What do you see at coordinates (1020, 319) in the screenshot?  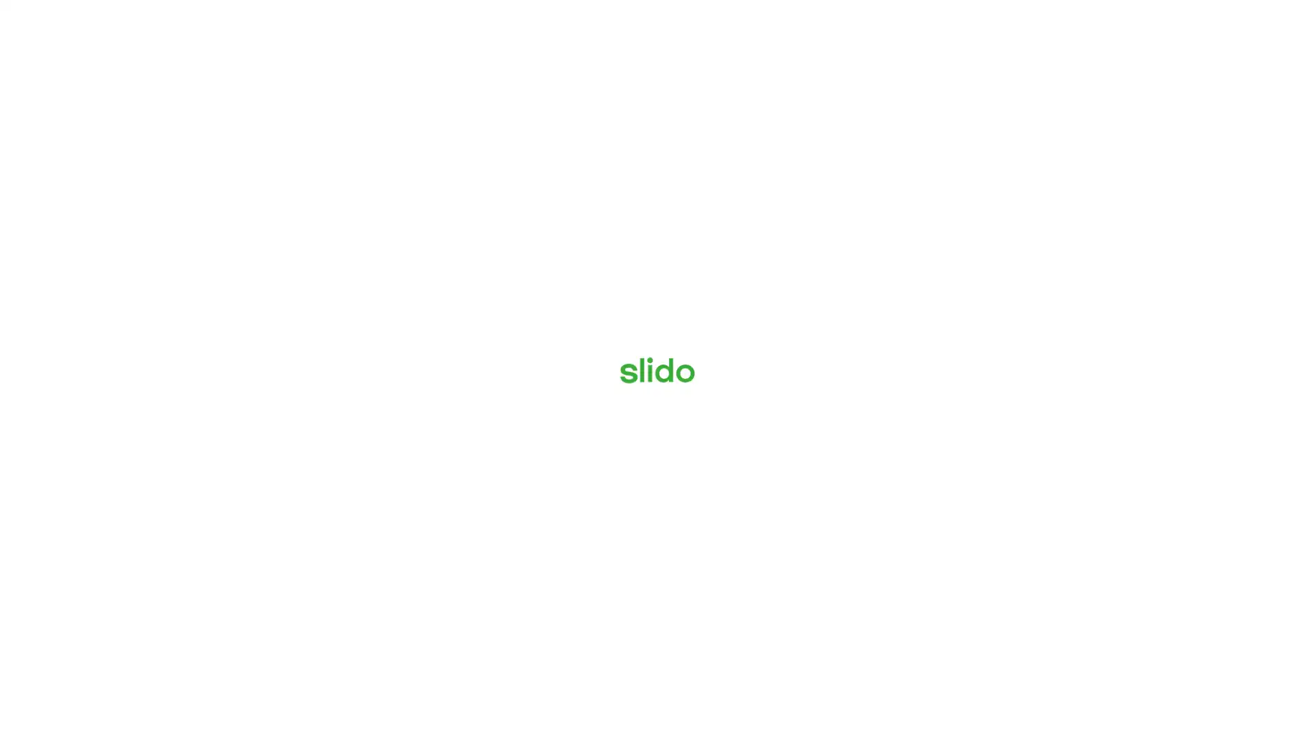 I see `1 reply` at bounding box center [1020, 319].